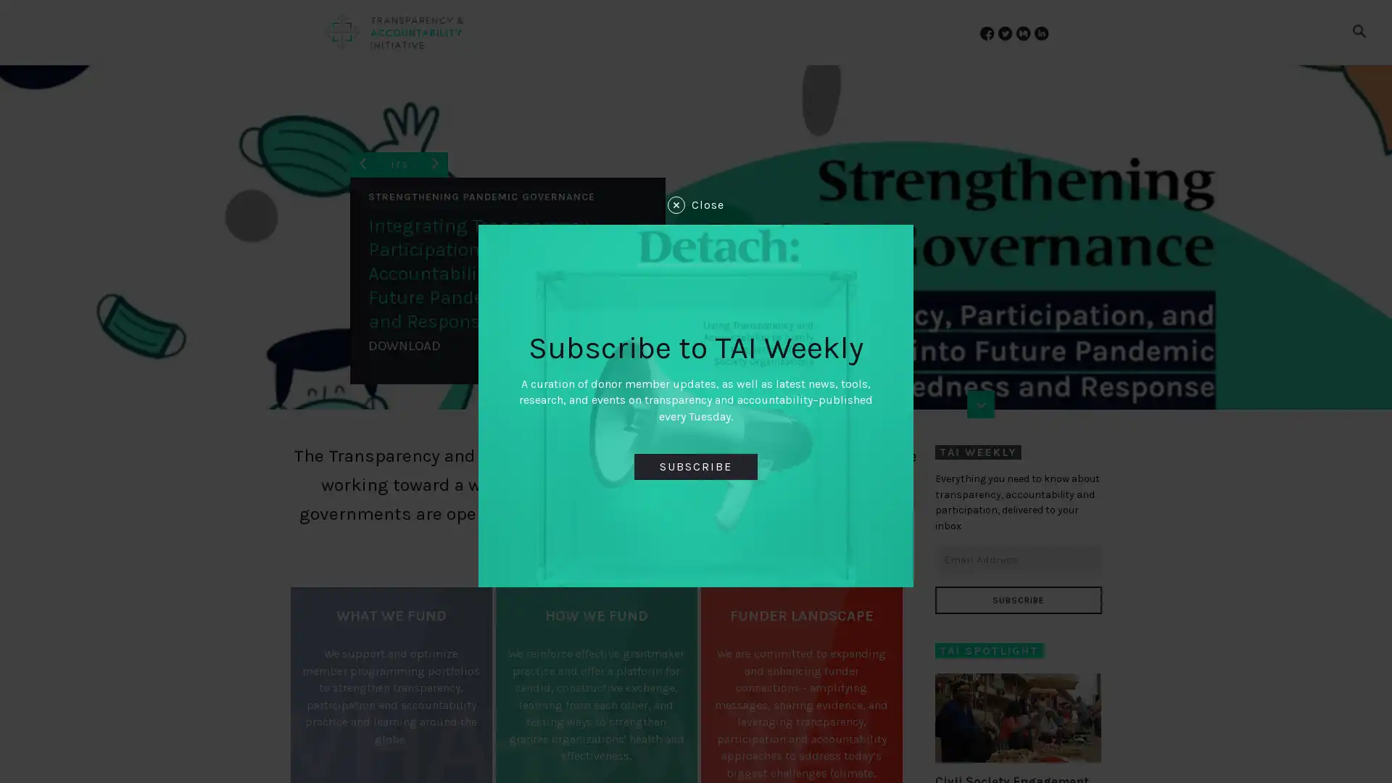 The width and height of the screenshot is (1392, 783). What do you see at coordinates (696, 204) in the screenshot?
I see `Close` at bounding box center [696, 204].